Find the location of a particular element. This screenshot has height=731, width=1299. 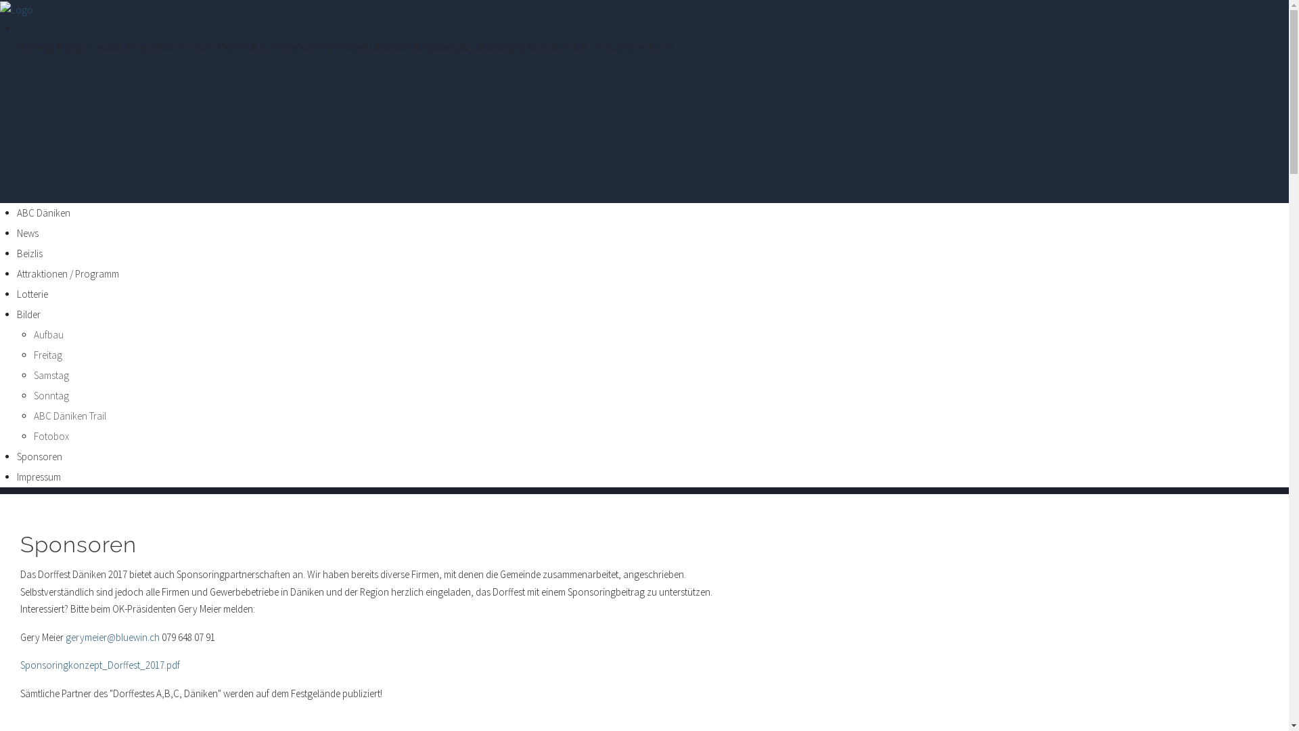

'gerymeier@bluewin.ch' is located at coordinates (112, 637).